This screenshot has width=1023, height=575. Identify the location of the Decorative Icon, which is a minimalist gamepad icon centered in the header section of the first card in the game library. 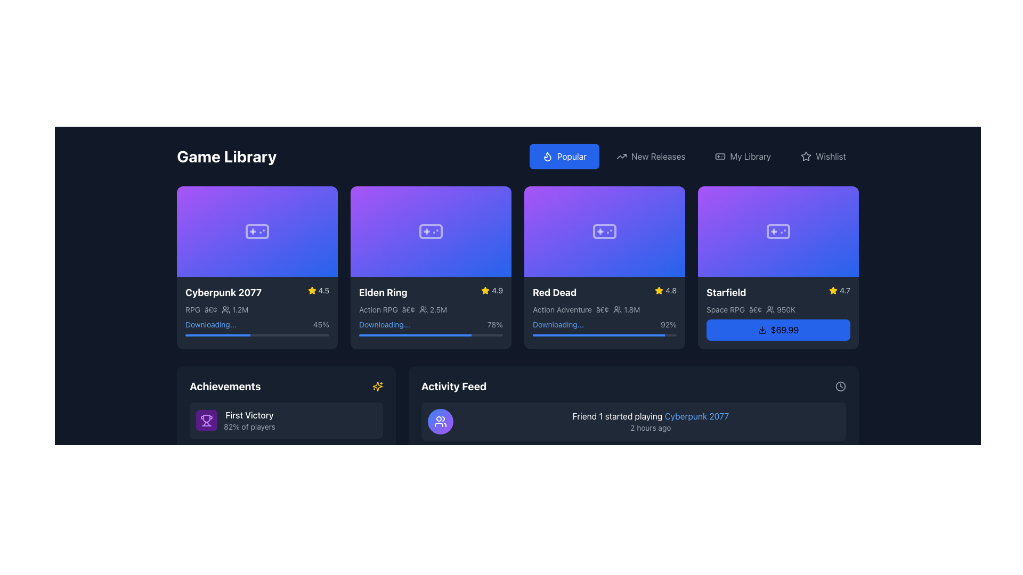
(257, 231).